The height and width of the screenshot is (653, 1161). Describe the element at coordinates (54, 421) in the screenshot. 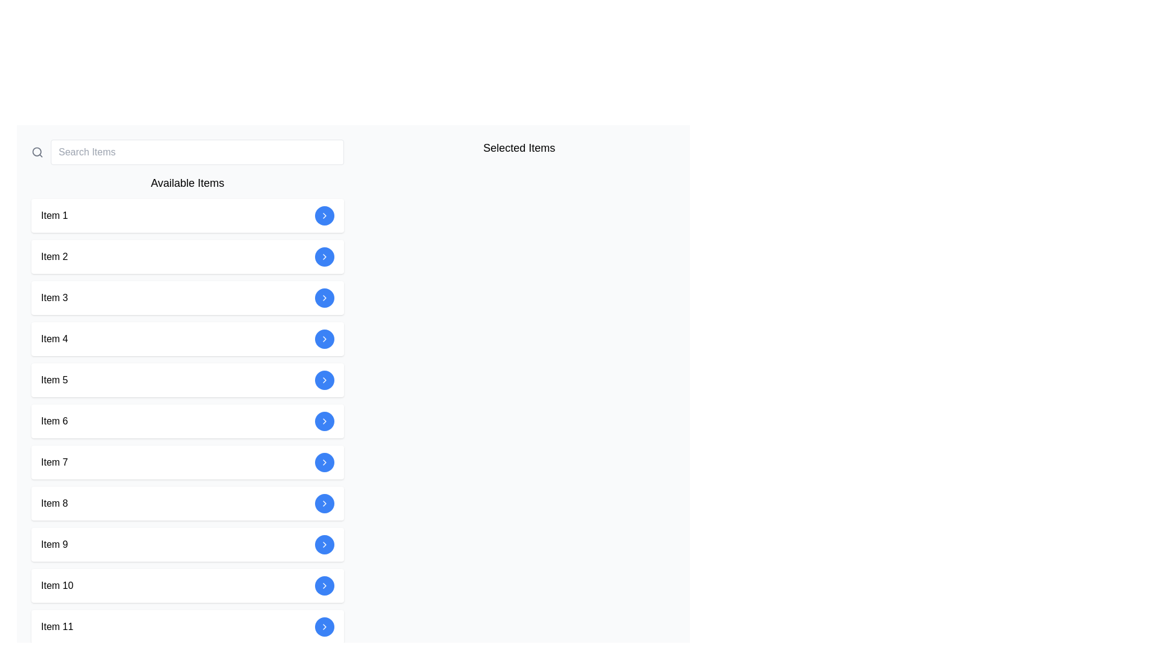

I see `the text 'Item 6' which is a label styled in black font on a light background, located in the vertical list of 'Available Items'` at that location.